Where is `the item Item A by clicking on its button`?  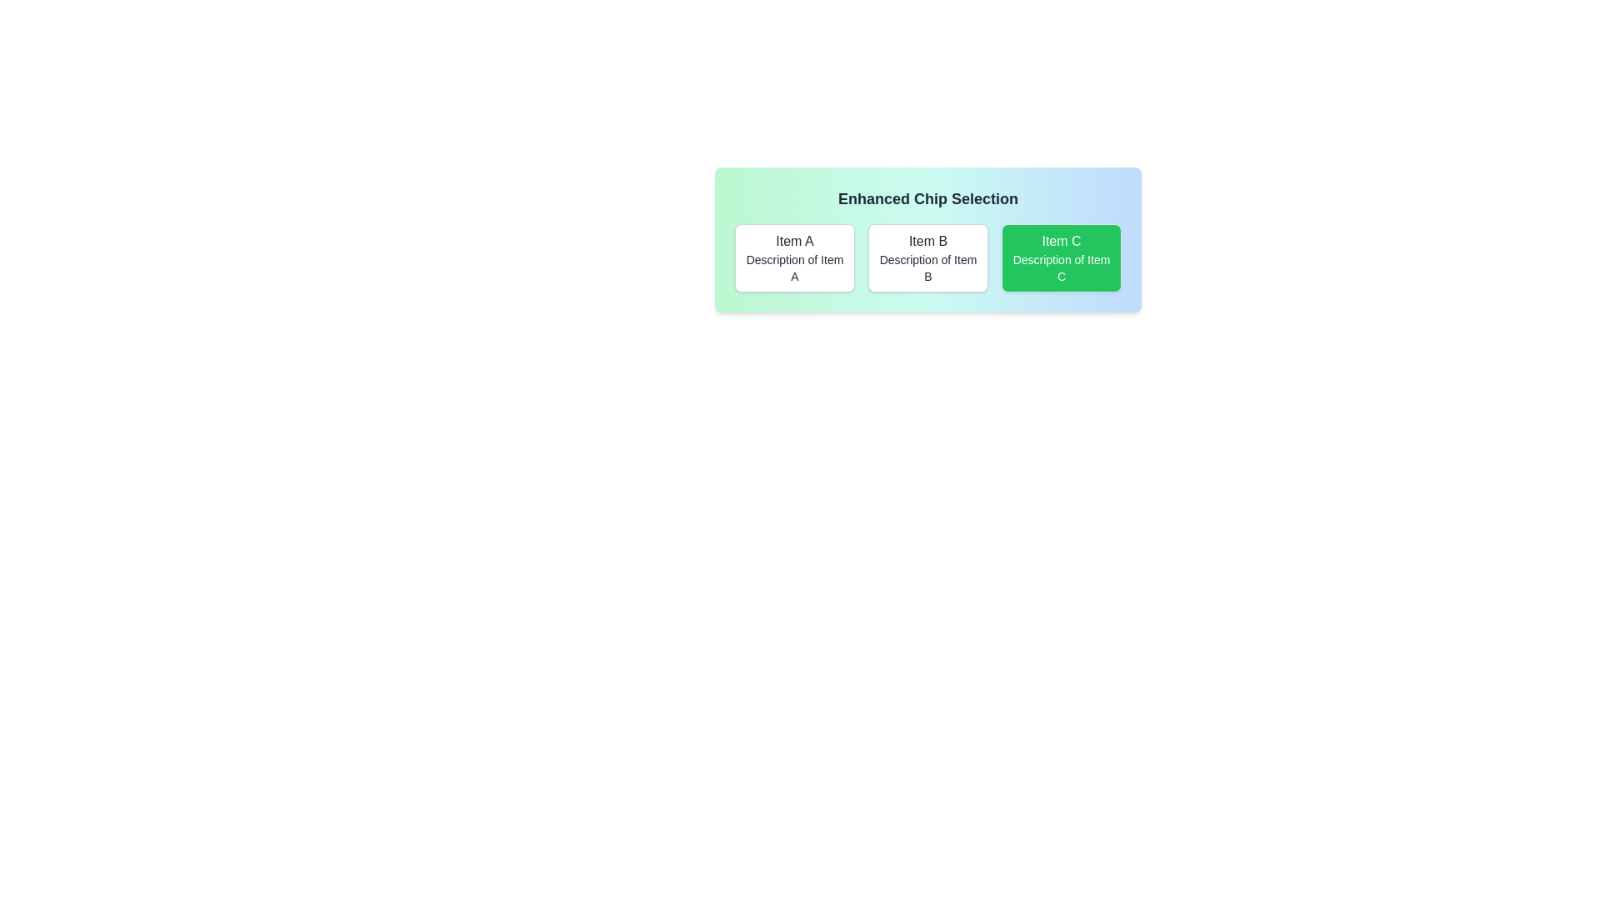
the item Item A by clicking on its button is located at coordinates (794, 257).